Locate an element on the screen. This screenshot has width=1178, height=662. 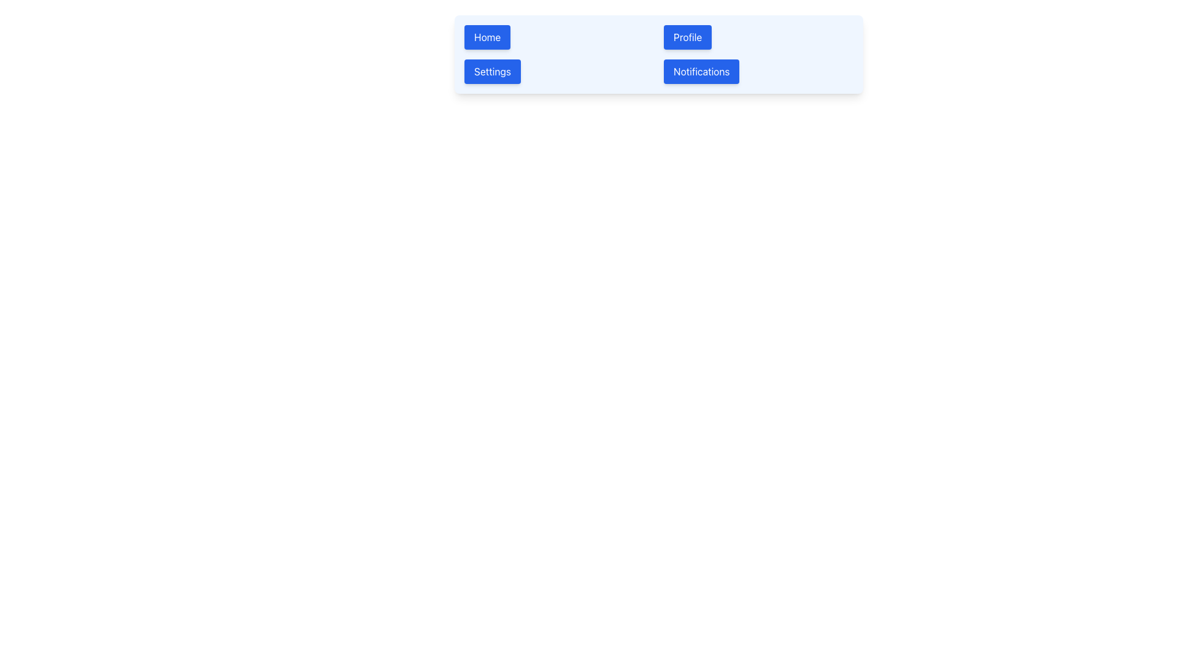
the settings button located on the horizontal navigation bar, second from the left, between the 'Home' and 'Profile' buttons is located at coordinates (492, 71).